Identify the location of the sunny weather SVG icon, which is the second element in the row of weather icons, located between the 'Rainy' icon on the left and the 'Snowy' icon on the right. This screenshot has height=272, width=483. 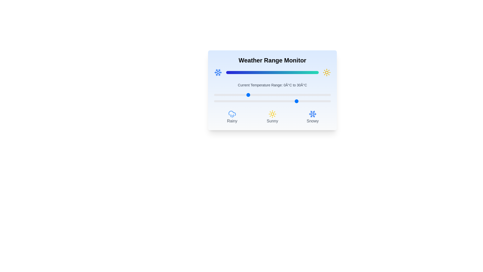
(272, 114).